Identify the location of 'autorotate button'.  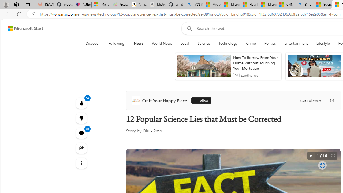
(311, 156).